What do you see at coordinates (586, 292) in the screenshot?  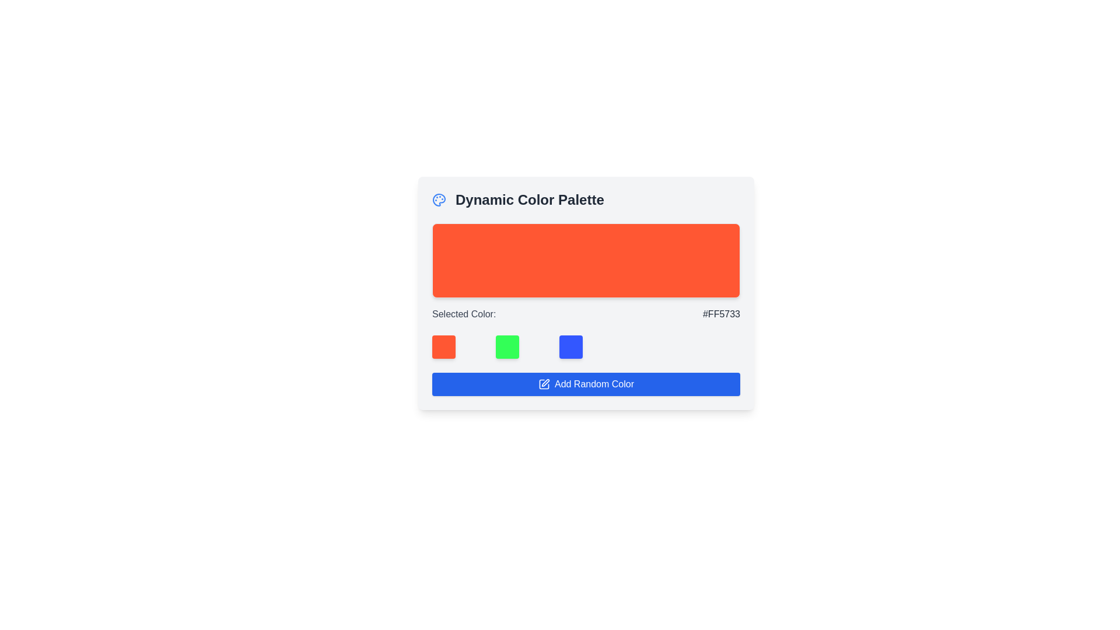 I see `the Color preview display area, which is located below the 'Dynamic Color Palette' label and serves as a preview for the selected color` at bounding box center [586, 292].